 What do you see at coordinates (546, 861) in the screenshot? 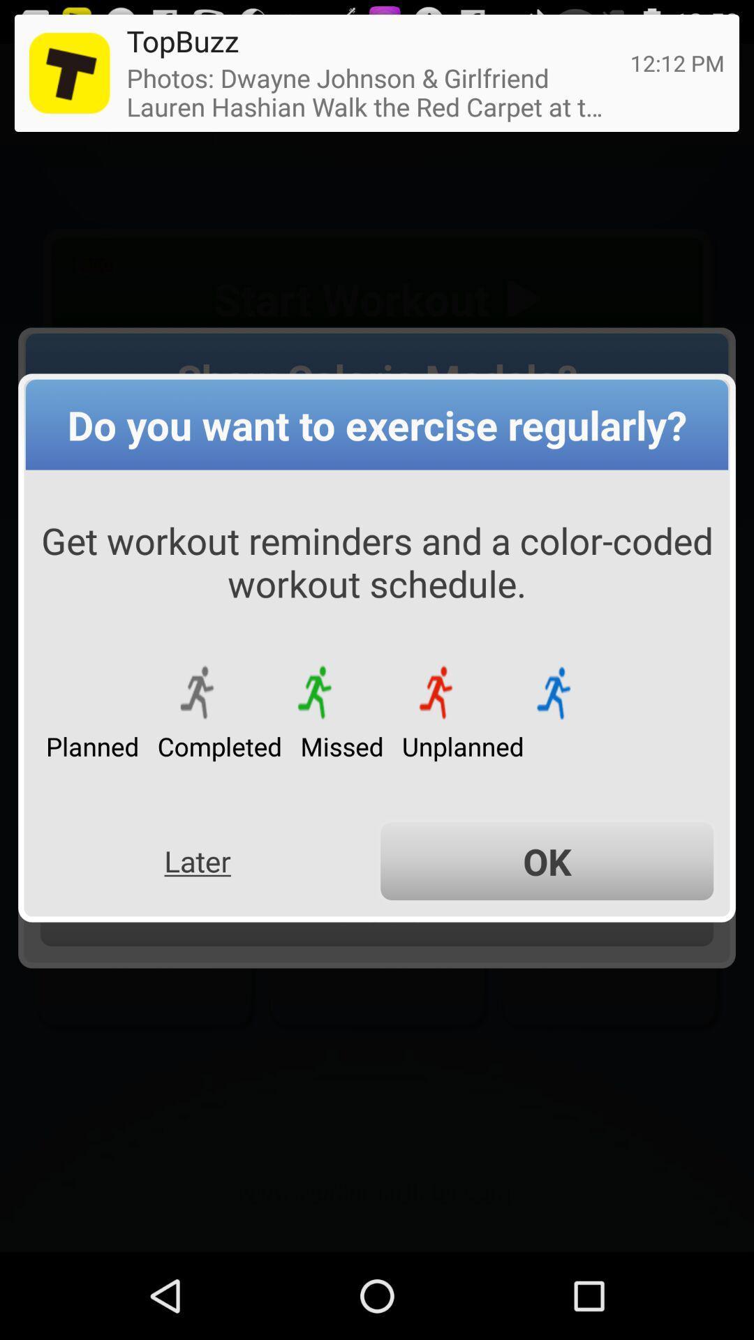
I see `ok icon` at bounding box center [546, 861].